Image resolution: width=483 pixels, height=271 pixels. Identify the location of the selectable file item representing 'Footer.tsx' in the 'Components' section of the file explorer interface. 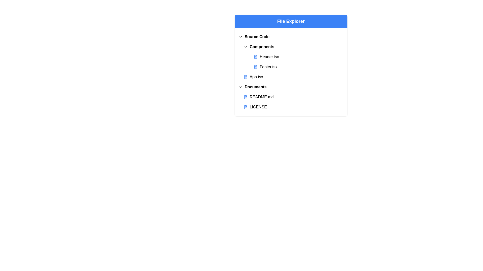
(298, 66).